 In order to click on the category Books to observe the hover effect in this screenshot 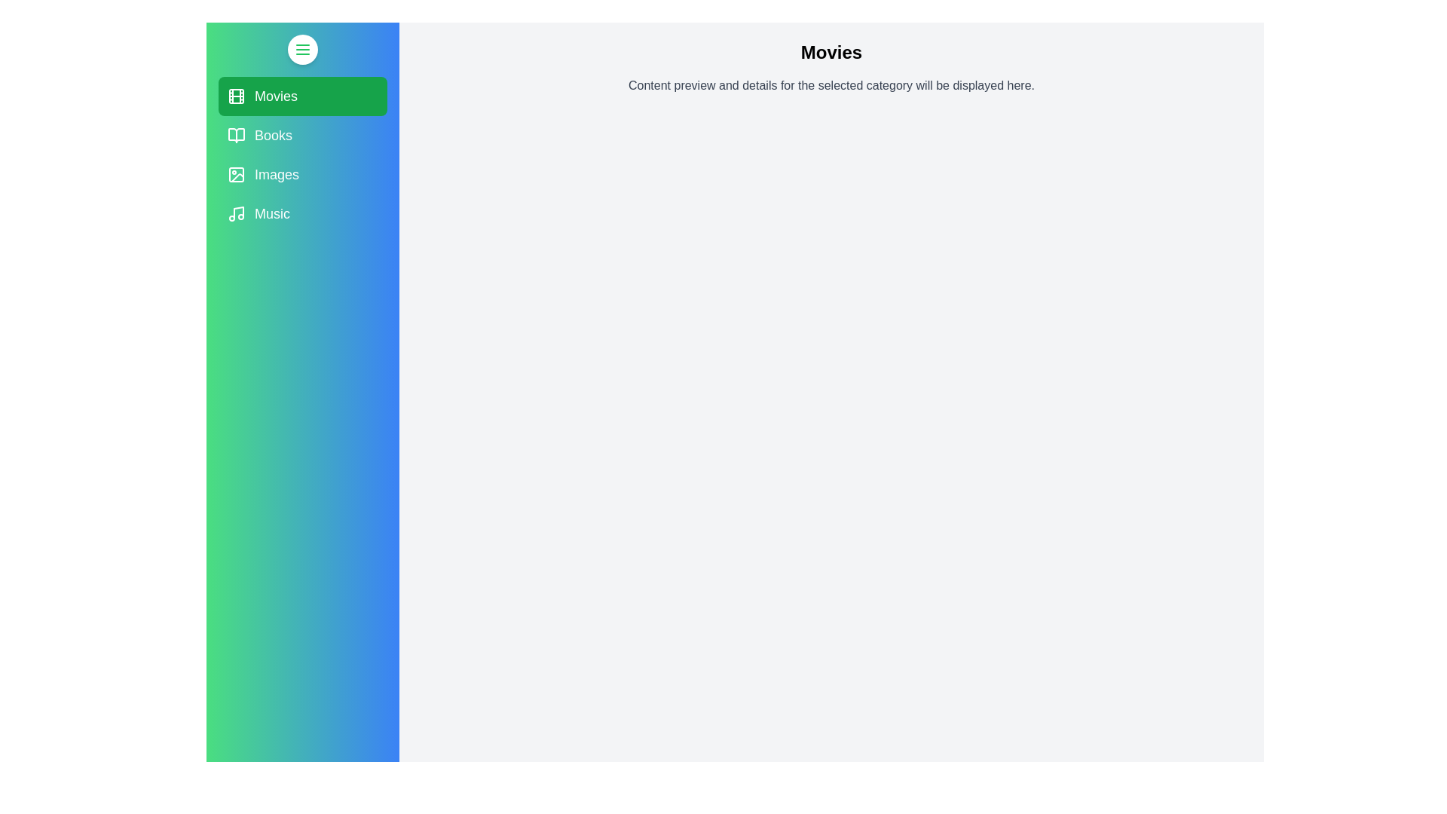, I will do `click(302, 136)`.